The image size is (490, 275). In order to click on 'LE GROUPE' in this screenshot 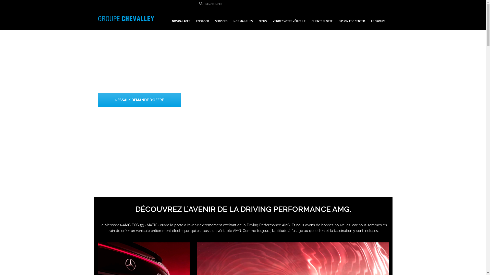, I will do `click(378, 19)`.